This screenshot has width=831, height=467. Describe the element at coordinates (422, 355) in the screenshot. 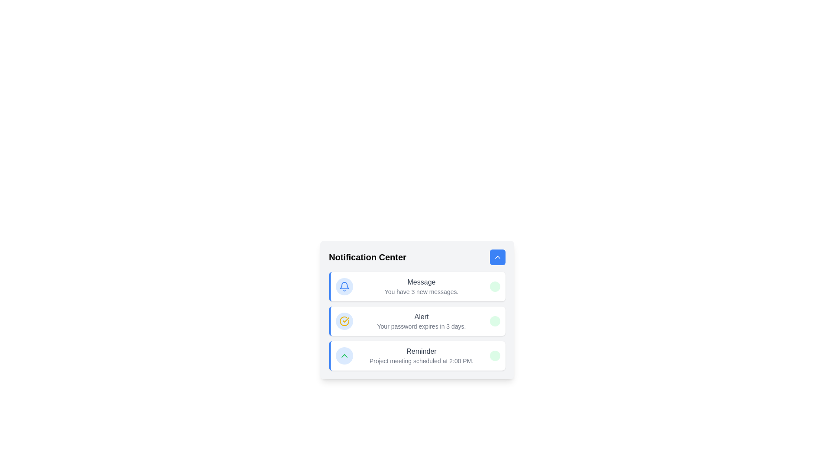

I see `text content of the 'Reminder' label which displays the message 'Project meeting scheduled at 2:00 PM.'` at that location.